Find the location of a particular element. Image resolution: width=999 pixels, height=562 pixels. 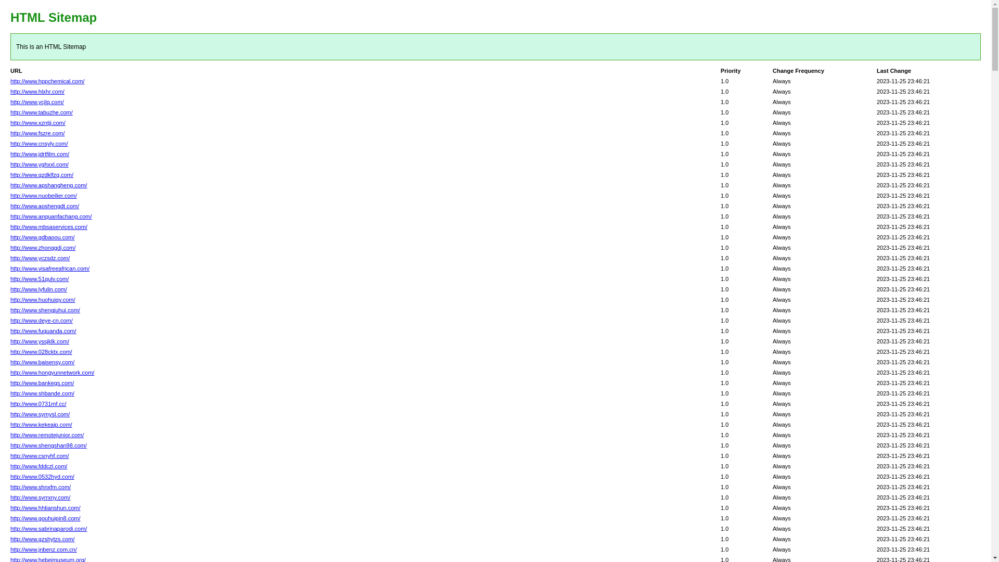

'http://www.fddczl.com/' is located at coordinates (39, 465).